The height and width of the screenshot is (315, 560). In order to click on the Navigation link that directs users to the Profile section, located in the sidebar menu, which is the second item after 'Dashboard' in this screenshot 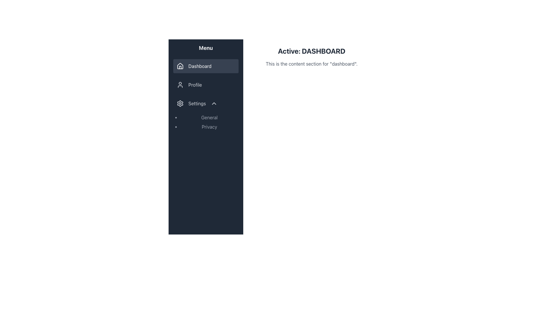, I will do `click(206, 85)`.